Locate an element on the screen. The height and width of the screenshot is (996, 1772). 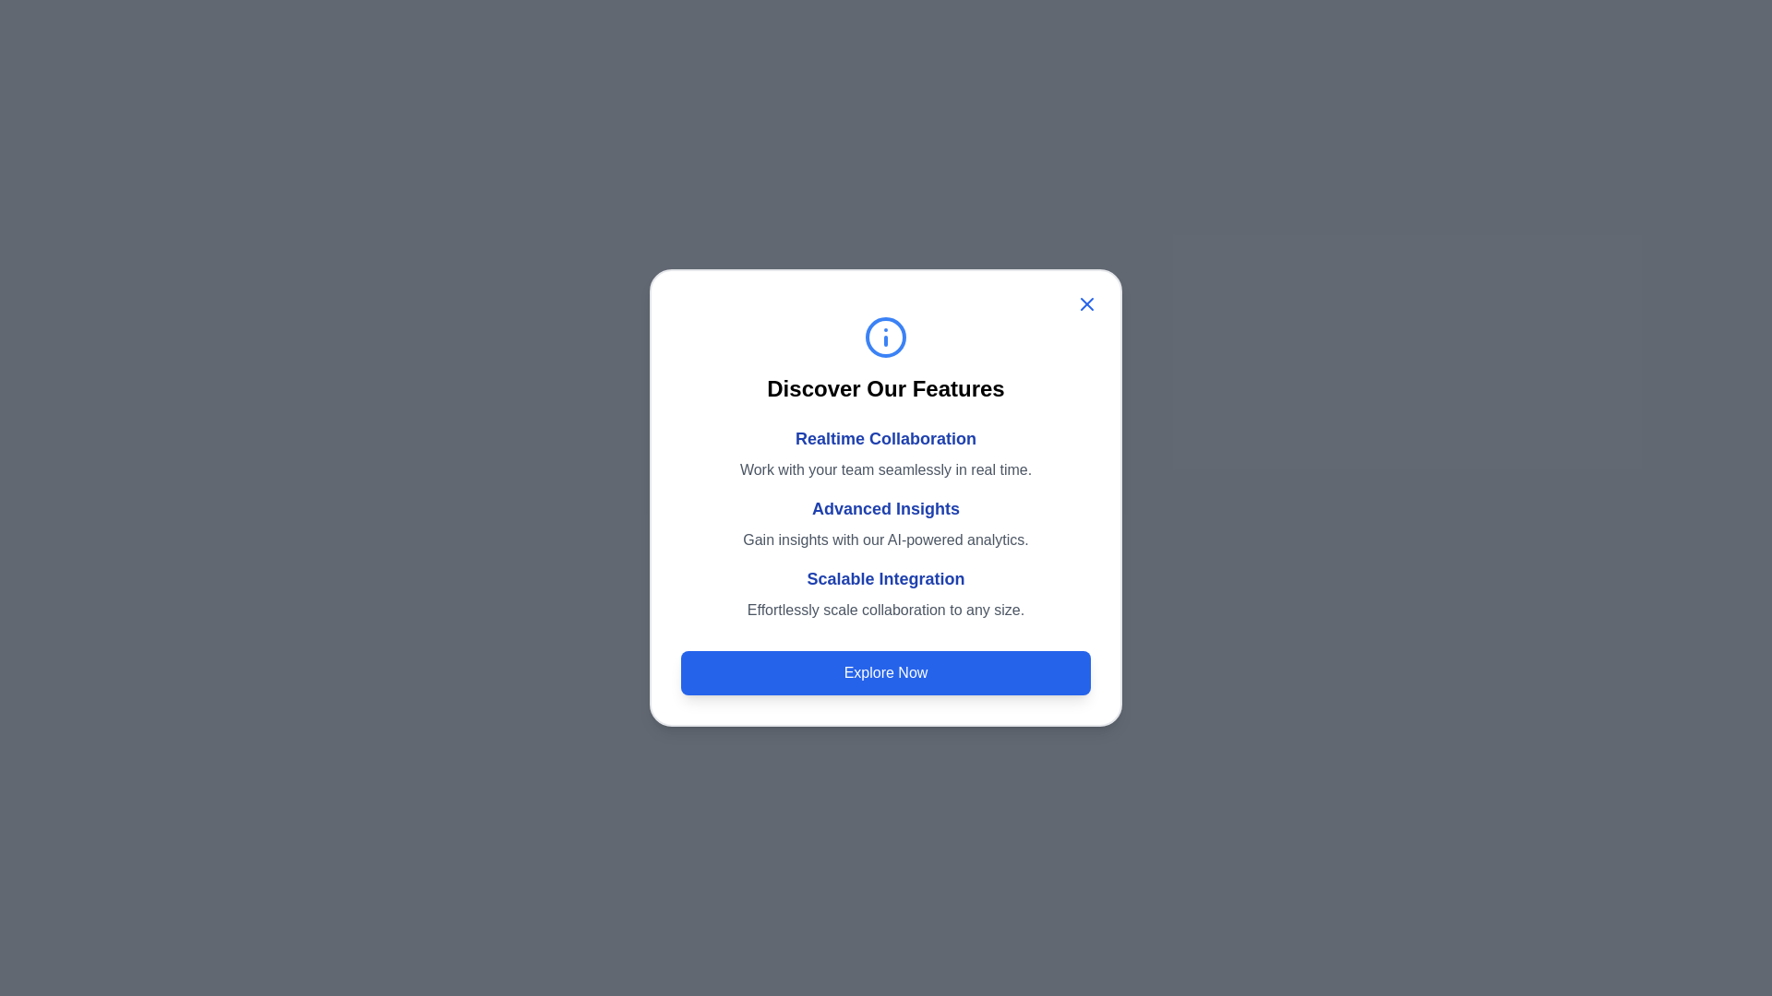
the circular information icon with a blue outline and 'i' symbol, which is centered above the heading 'Discover Our Features' in the modal dialog is located at coordinates (886, 338).